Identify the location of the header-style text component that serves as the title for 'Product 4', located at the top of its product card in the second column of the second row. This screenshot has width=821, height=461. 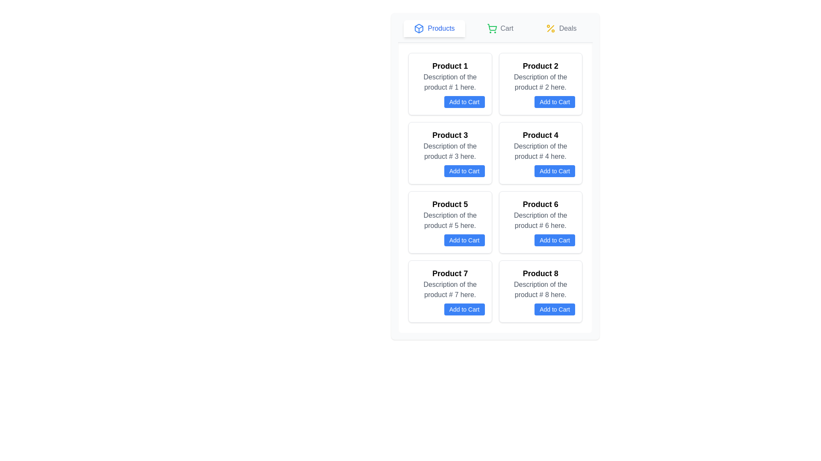
(540, 134).